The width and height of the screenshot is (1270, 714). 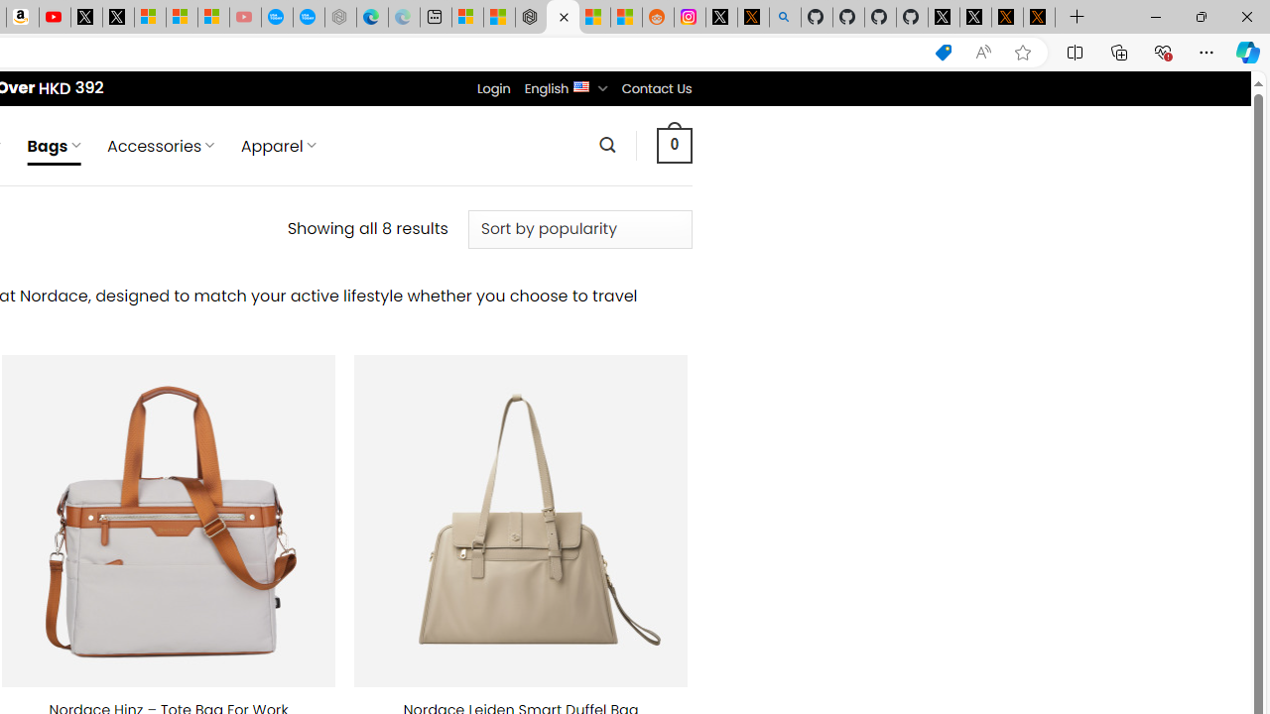 What do you see at coordinates (1038, 17) in the screenshot?
I see `'X Privacy Policy'` at bounding box center [1038, 17].